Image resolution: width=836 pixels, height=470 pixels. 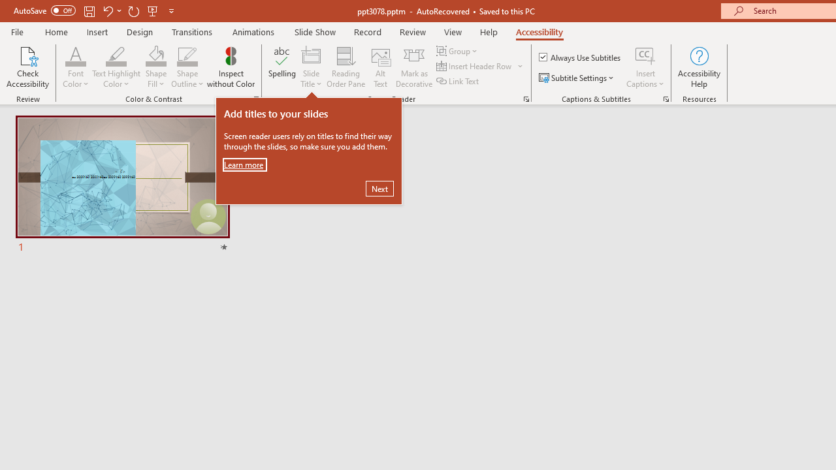 I want to click on 'Insert Header Row', so click(x=474, y=66).